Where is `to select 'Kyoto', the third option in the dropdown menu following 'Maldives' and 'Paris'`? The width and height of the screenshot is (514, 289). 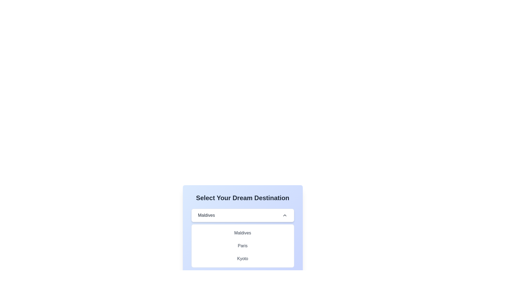 to select 'Kyoto', the third option in the dropdown menu following 'Maldives' and 'Paris' is located at coordinates (242, 258).